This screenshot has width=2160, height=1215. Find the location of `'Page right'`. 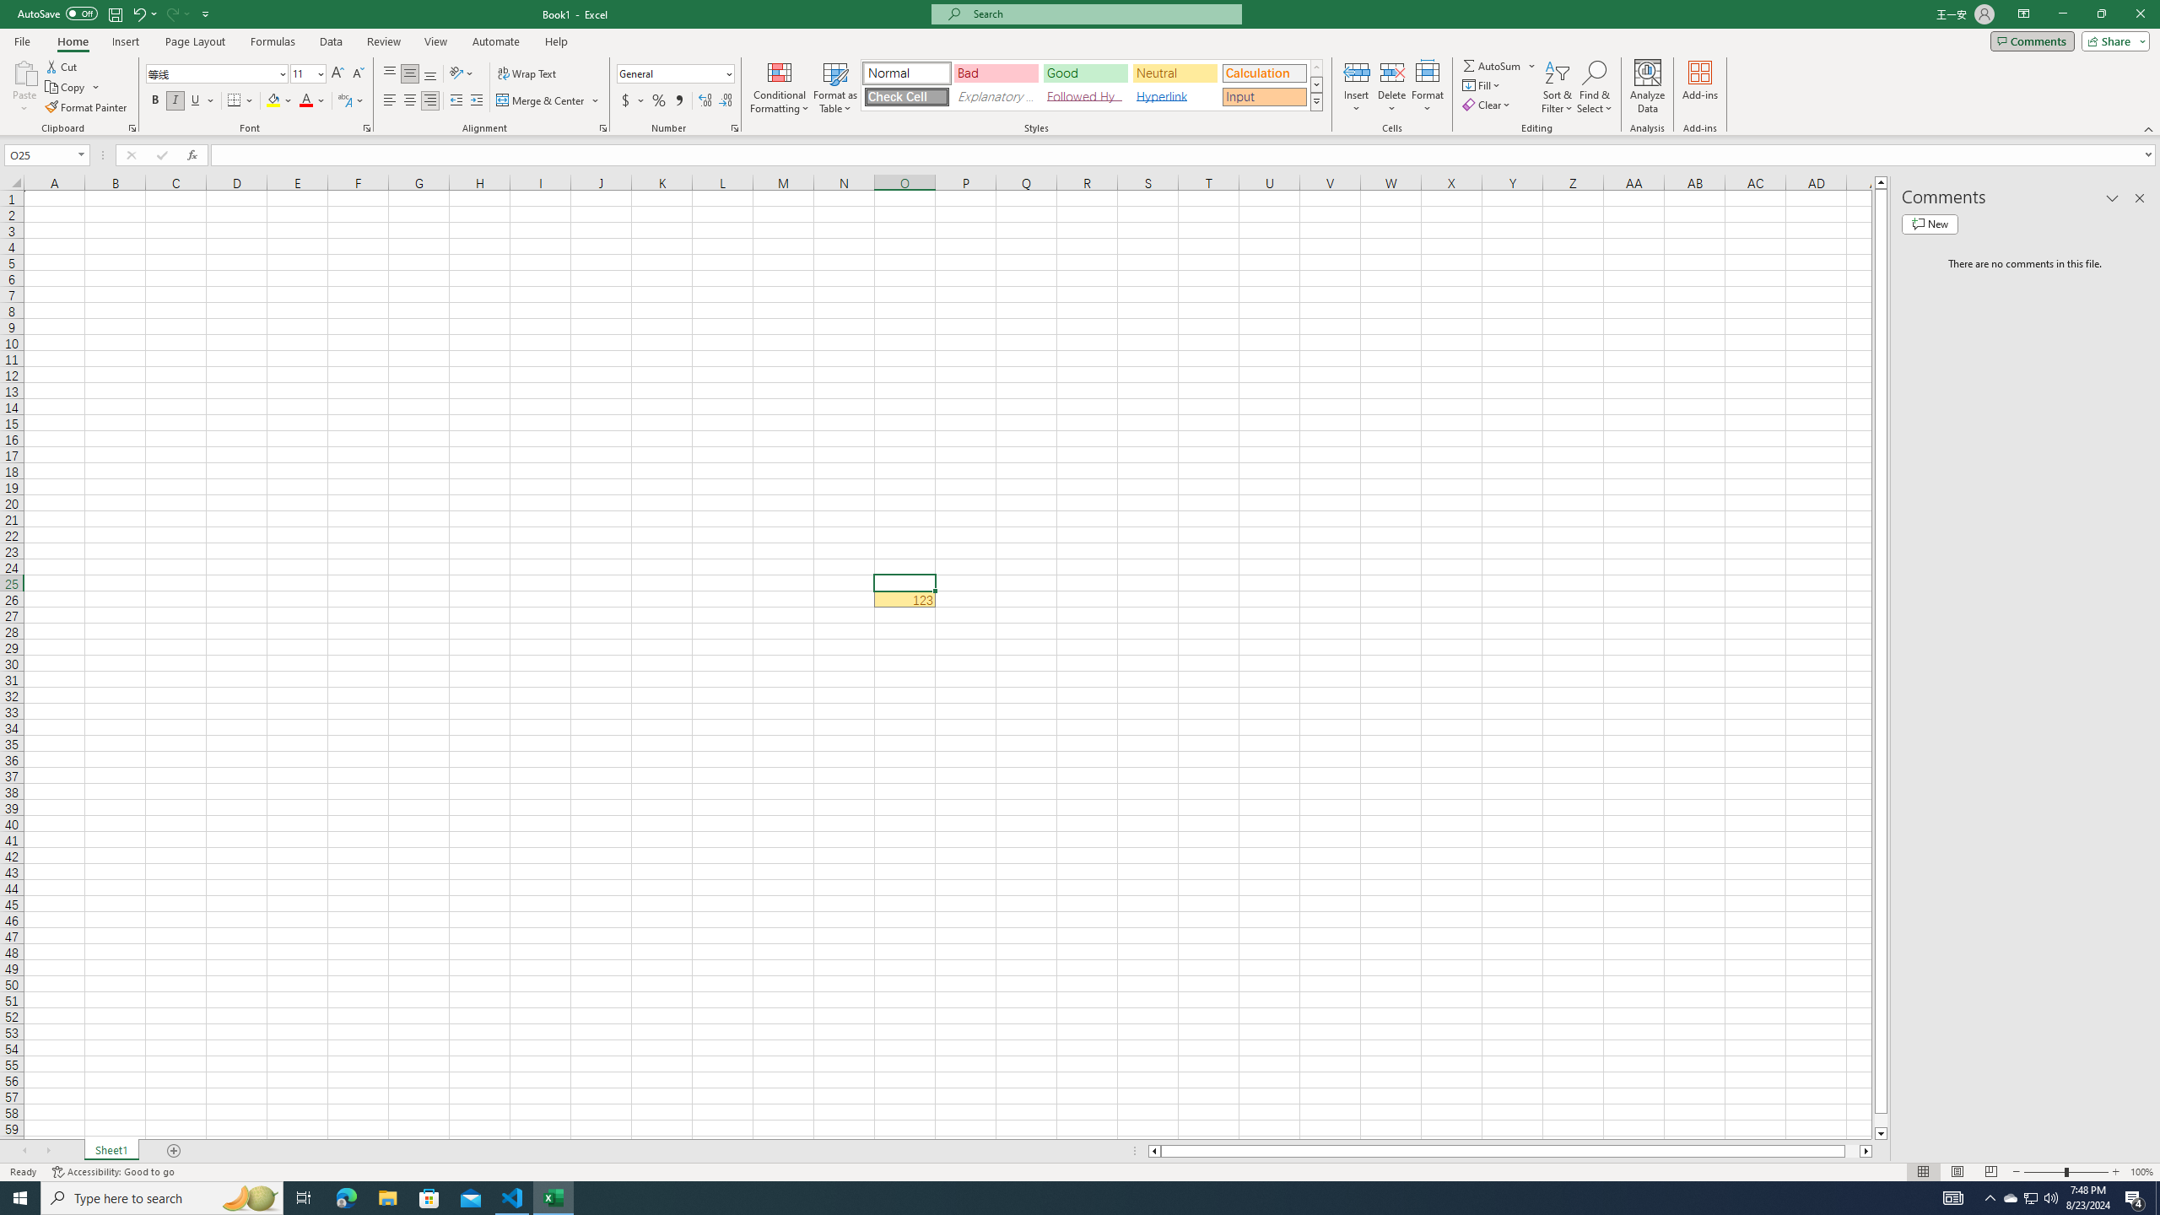

'Page right' is located at coordinates (1851, 1150).